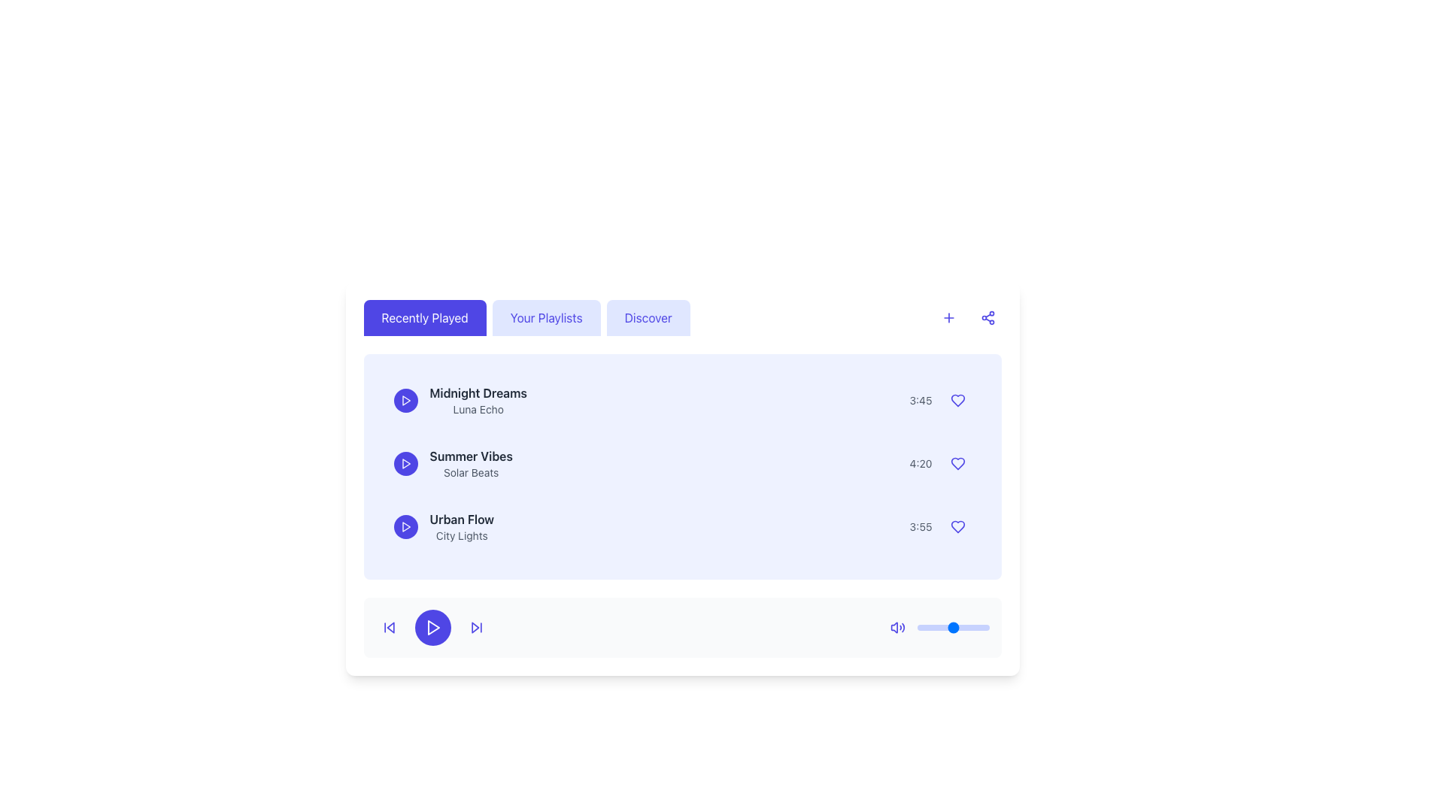 This screenshot has height=812, width=1444. Describe the element at coordinates (957, 463) in the screenshot. I see `the favorite button located in the second row of the 'Recently Played' section, which is associated with the song having a playback duration of '4:20'` at that location.